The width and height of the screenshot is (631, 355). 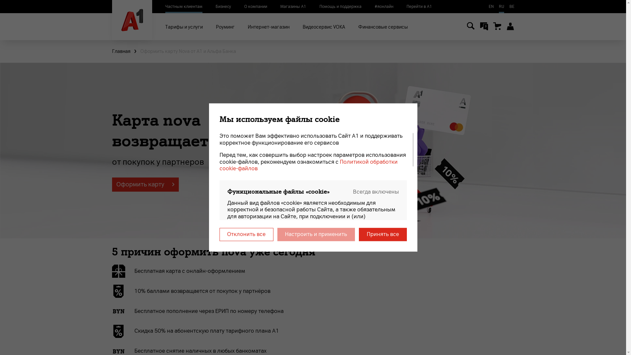 I want to click on 'BE', so click(x=511, y=6).